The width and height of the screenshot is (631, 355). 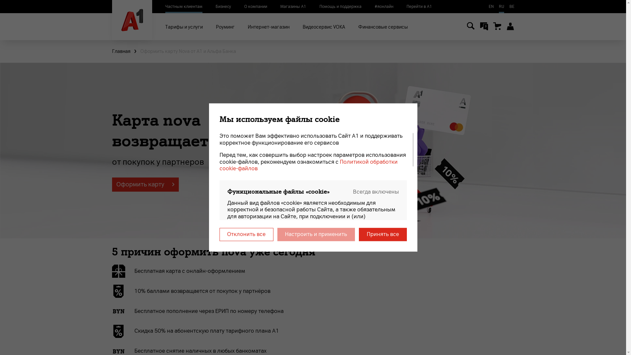 I want to click on 'BE', so click(x=511, y=6).